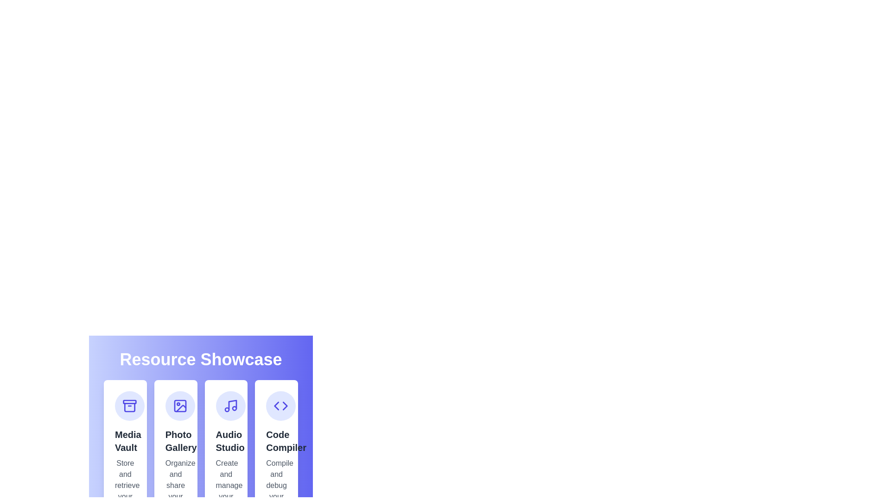  I want to click on the 'Code Compiler' icon, which serves as a visual cue for accessing code compilation and debugging functionalities, so click(280, 405).